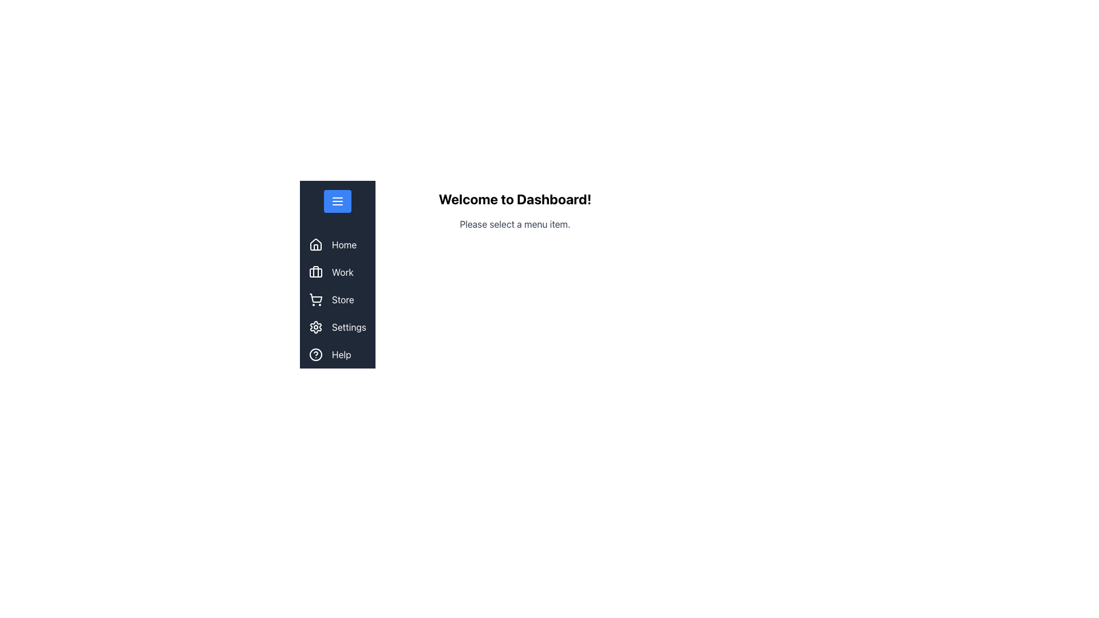 The height and width of the screenshot is (618, 1099). What do you see at coordinates (337, 299) in the screenshot?
I see `the 'Store' navigation menu item for keyboard navigation` at bounding box center [337, 299].